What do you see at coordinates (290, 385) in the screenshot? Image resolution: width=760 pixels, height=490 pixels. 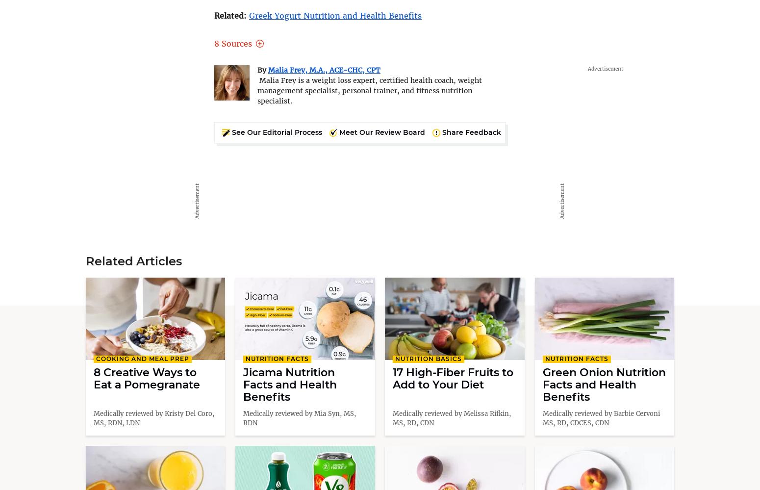 I see `'Jicama Nutrition Facts and Health Benefits'` at bounding box center [290, 385].